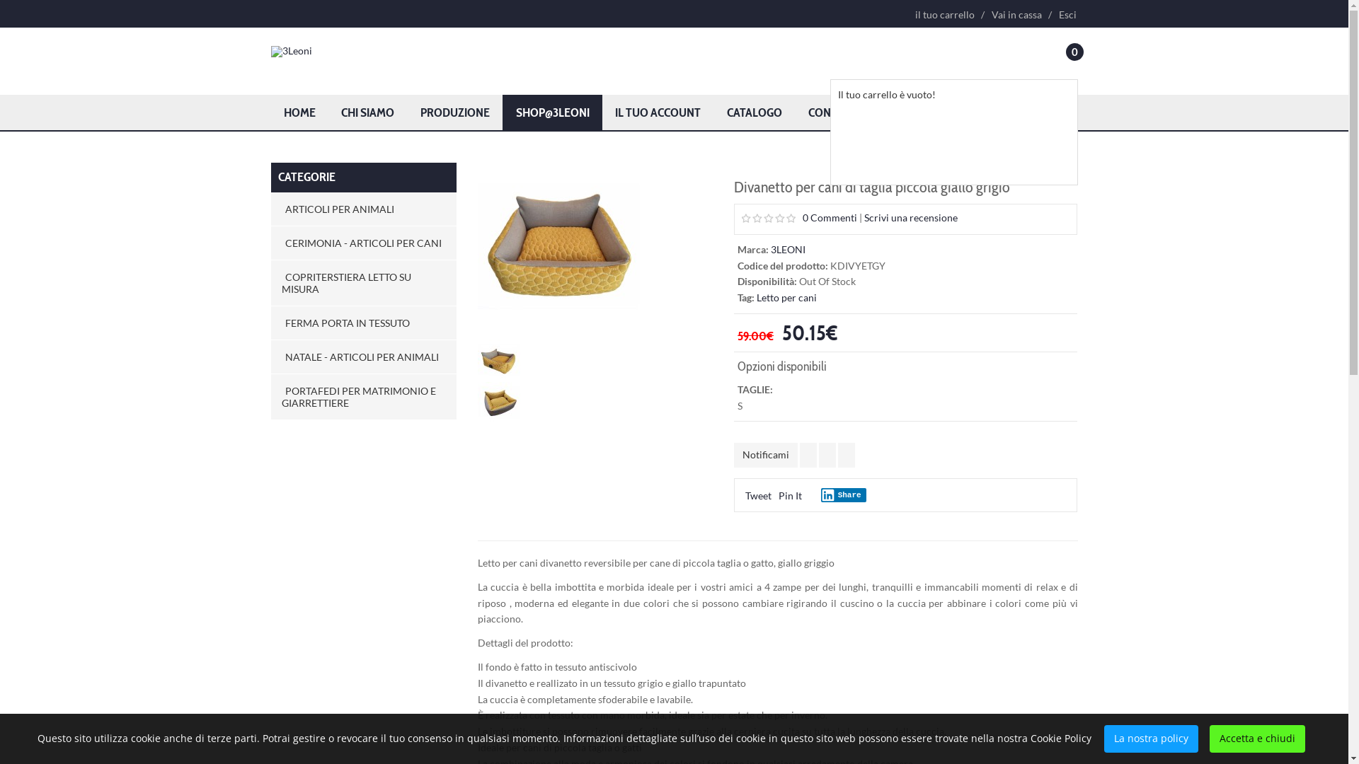  What do you see at coordinates (367, 111) in the screenshot?
I see `'CHI SIAMO'` at bounding box center [367, 111].